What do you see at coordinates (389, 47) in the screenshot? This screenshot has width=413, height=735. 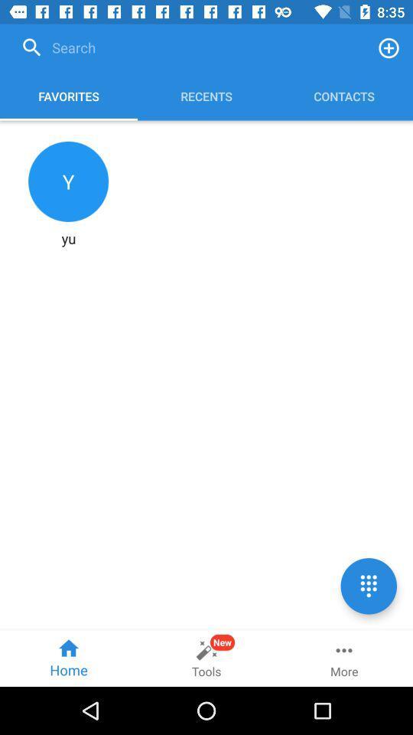 I see `a plus sign symbol for adding a contact` at bounding box center [389, 47].